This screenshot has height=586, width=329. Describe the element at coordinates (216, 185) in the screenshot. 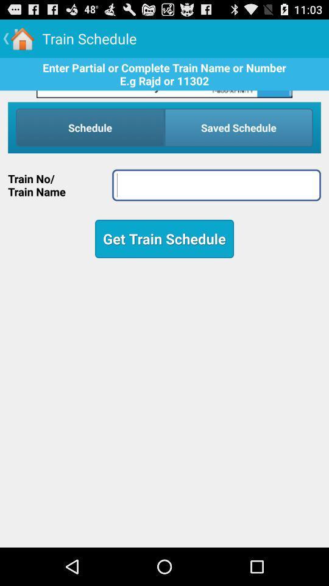

I see `train number or name` at that location.